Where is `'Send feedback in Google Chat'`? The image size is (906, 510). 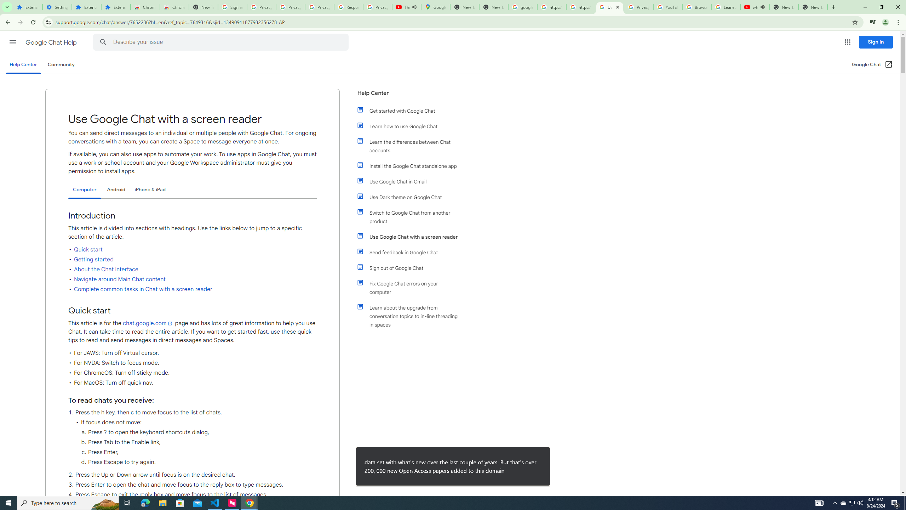
'Send feedback in Google Chat' is located at coordinates (411, 252).